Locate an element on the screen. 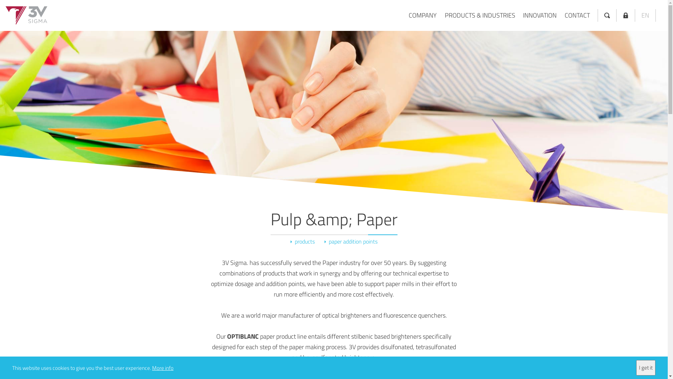 The image size is (673, 379). 'I get it' is located at coordinates (645, 367).